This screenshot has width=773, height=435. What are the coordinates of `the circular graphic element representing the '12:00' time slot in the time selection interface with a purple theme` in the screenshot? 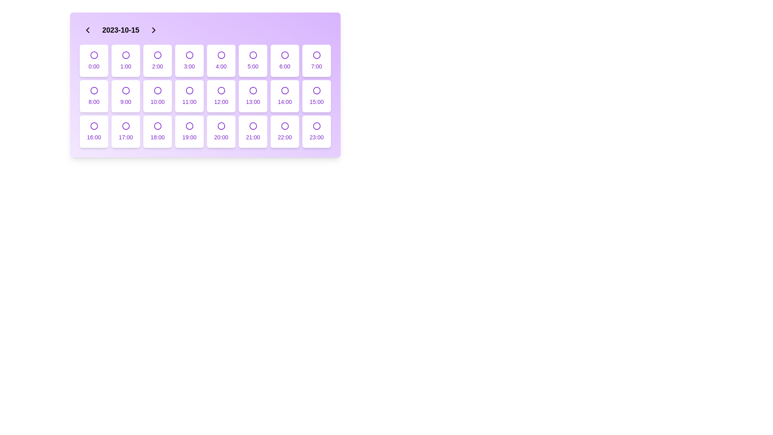 It's located at (221, 90).